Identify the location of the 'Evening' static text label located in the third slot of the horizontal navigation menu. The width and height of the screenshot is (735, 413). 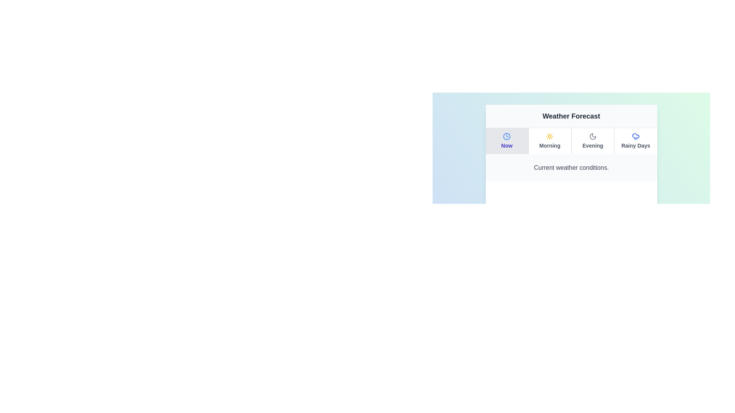
(592, 146).